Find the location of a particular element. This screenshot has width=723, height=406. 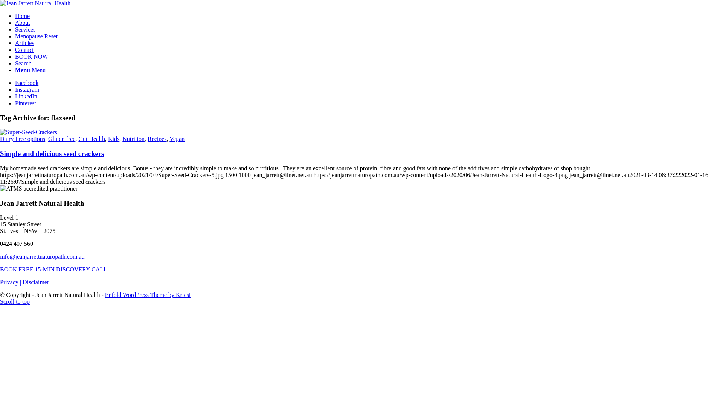

'Services' is located at coordinates (25, 29).